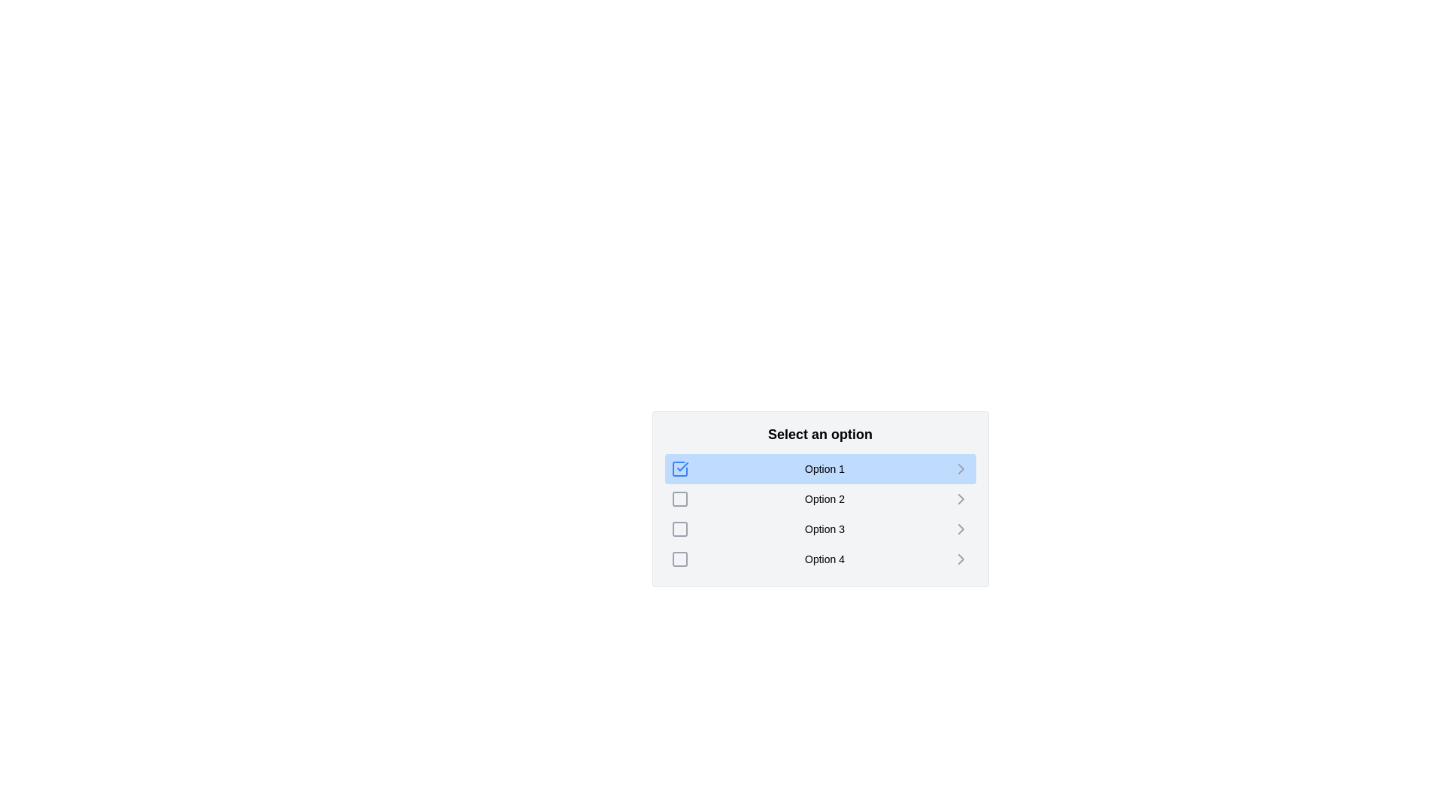 Image resolution: width=1443 pixels, height=812 pixels. Describe the element at coordinates (679, 559) in the screenshot. I see `the checkbox located to the left of the text 'Option 4', which is part of a selectable list and is in the fourth position within the list` at that location.